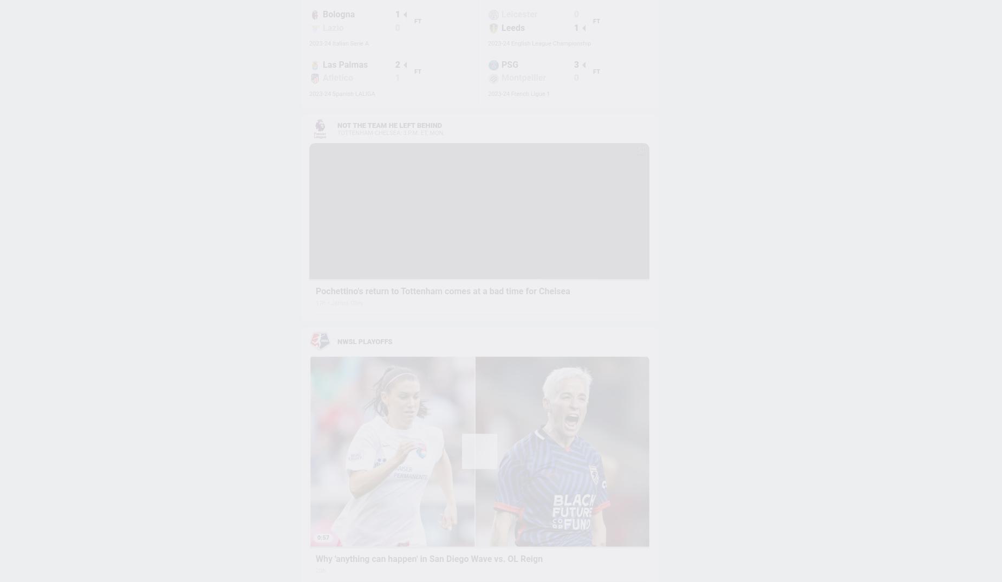  What do you see at coordinates (487, 43) in the screenshot?
I see `'2023-24 English League Championship'` at bounding box center [487, 43].